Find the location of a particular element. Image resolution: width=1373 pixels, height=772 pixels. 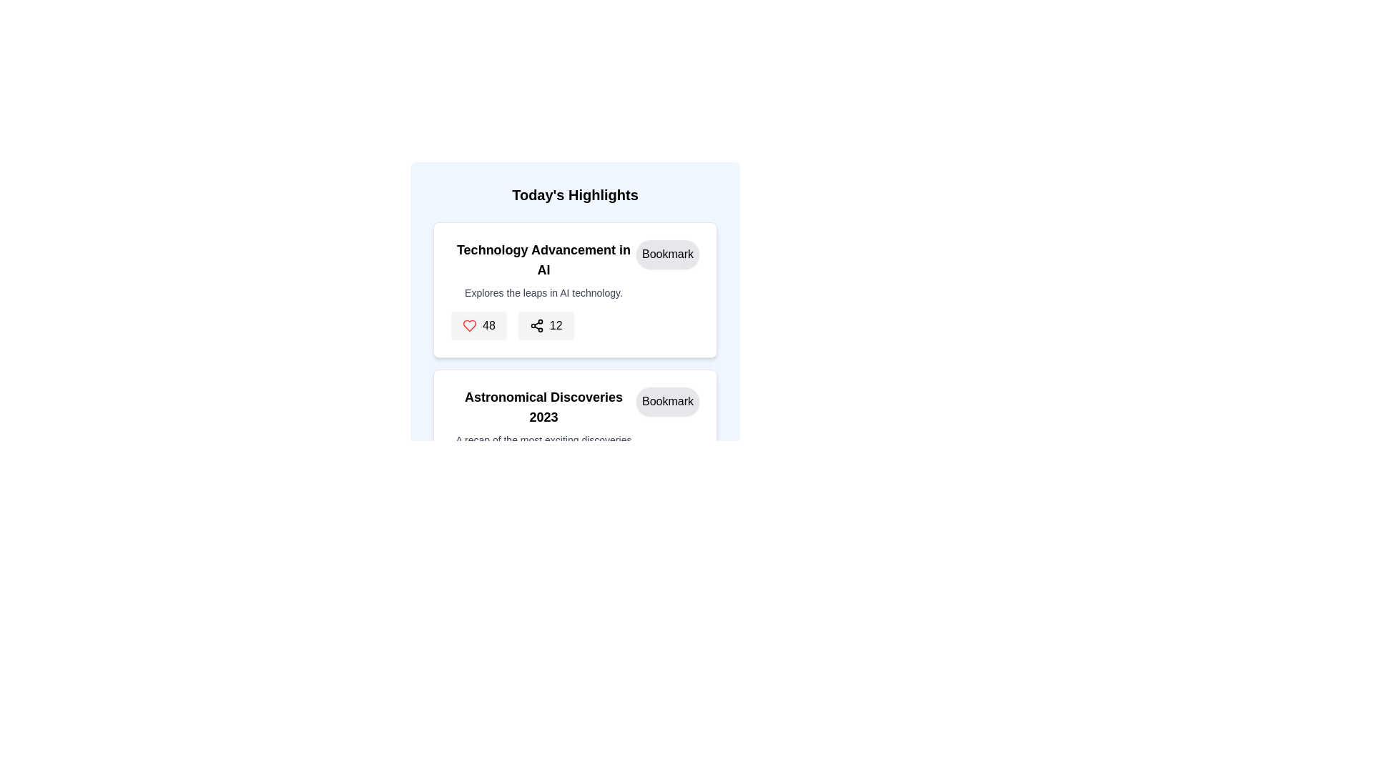

bold textual heading 'Technology Advancement in AI' located at the top of the 'Today's Highlights' card section is located at coordinates (543, 259).